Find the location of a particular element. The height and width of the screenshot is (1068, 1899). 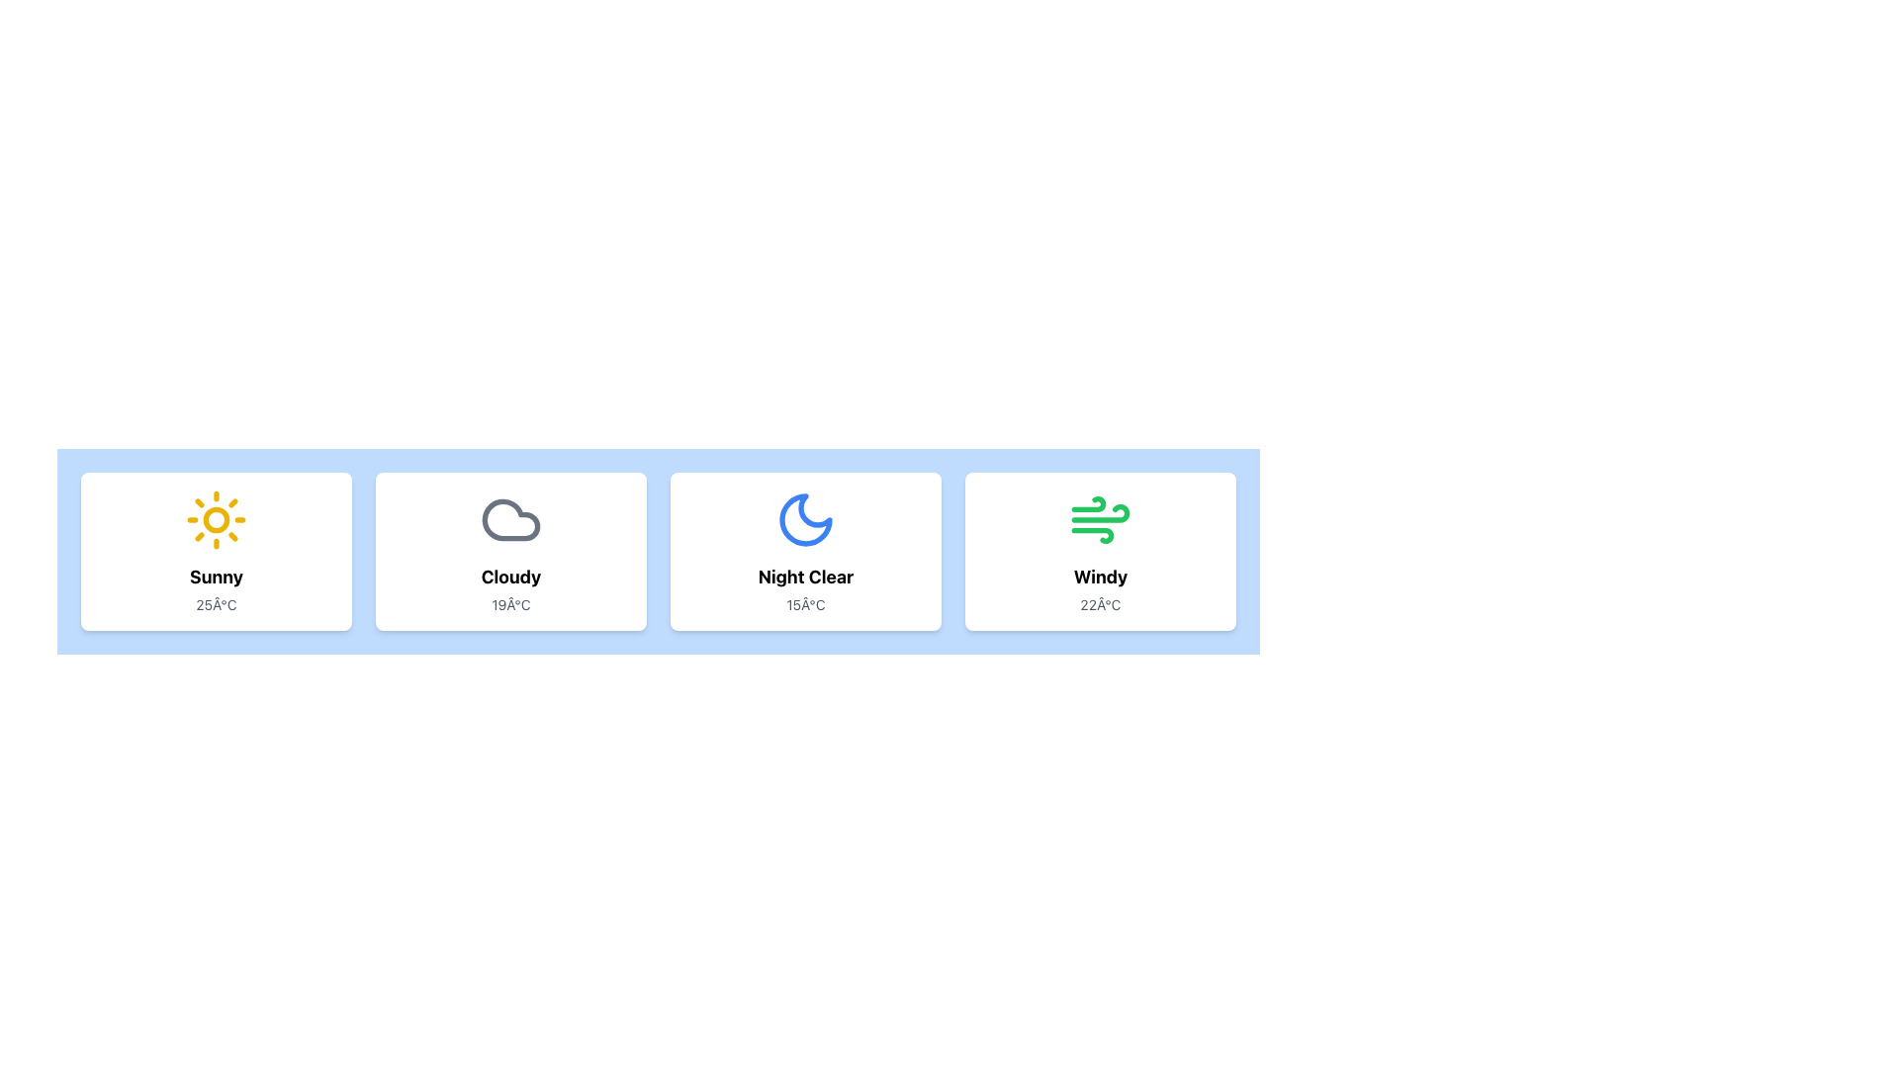

cloud icon displayed above the text 'Cloudy' in the weather application, which is part of the second card from the left is located at coordinates (511, 518).